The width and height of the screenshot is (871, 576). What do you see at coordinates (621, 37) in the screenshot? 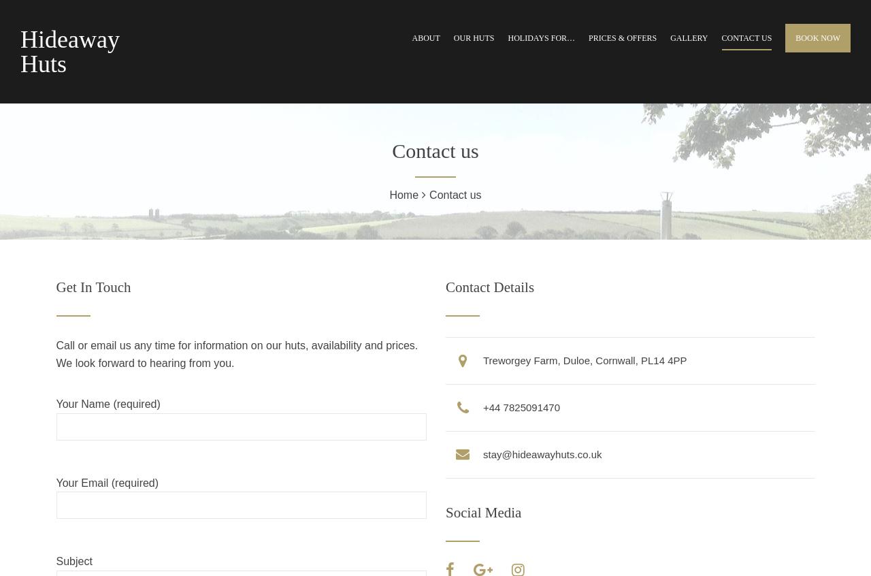
I see `'Prices & Offers'` at bounding box center [621, 37].